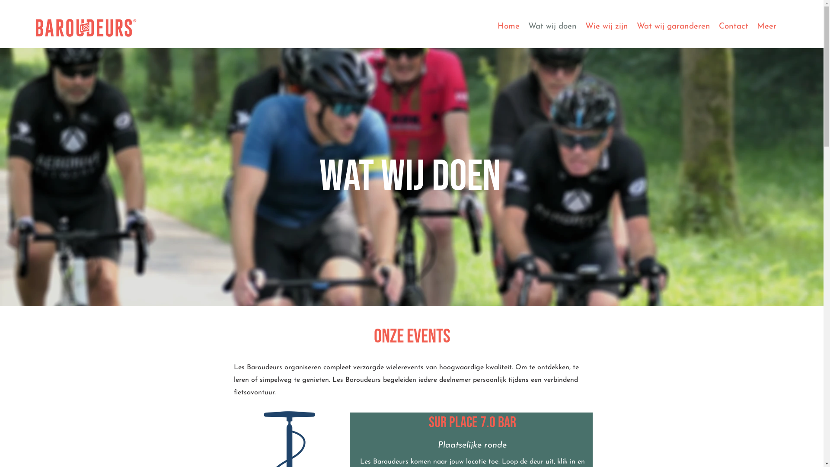  I want to click on 'Wat wij garanderen', so click(632, 27).